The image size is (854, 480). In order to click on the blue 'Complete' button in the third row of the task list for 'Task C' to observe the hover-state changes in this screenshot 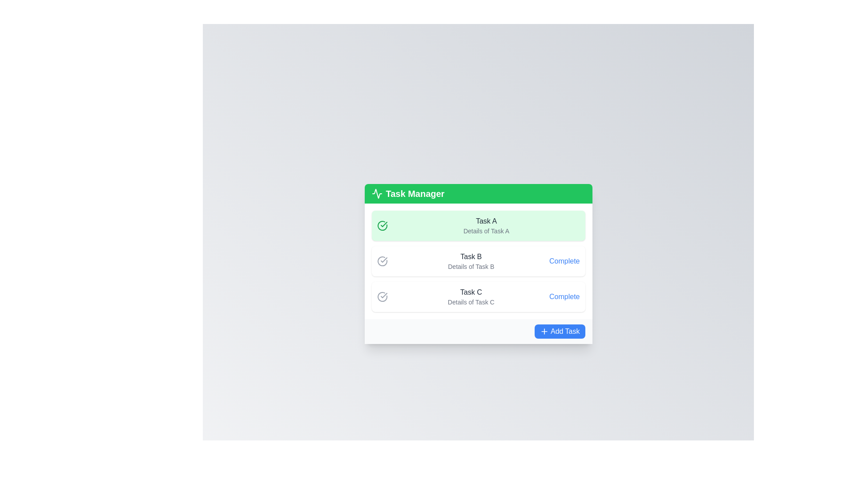, I will do `click(564, 296)`.